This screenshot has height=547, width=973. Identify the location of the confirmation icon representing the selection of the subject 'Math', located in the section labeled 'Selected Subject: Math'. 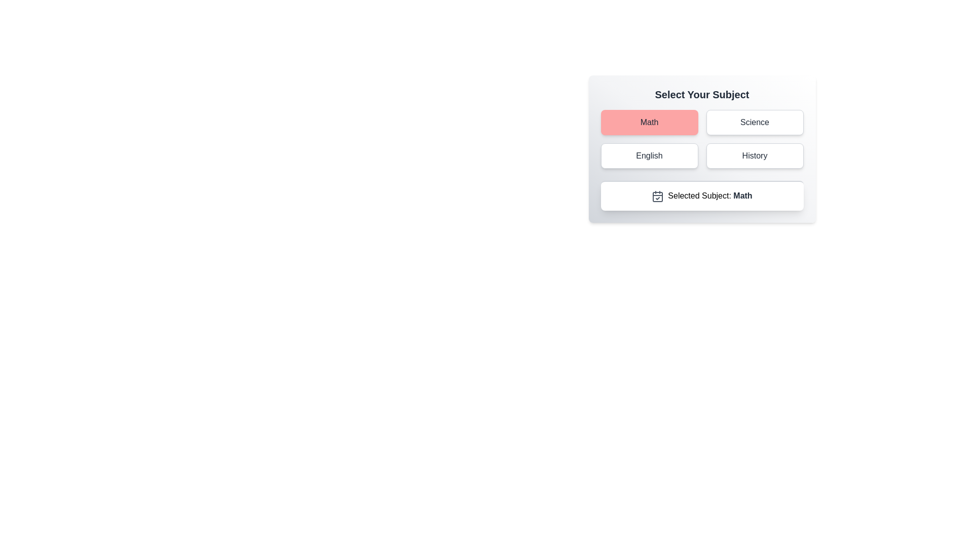
(658, 196).